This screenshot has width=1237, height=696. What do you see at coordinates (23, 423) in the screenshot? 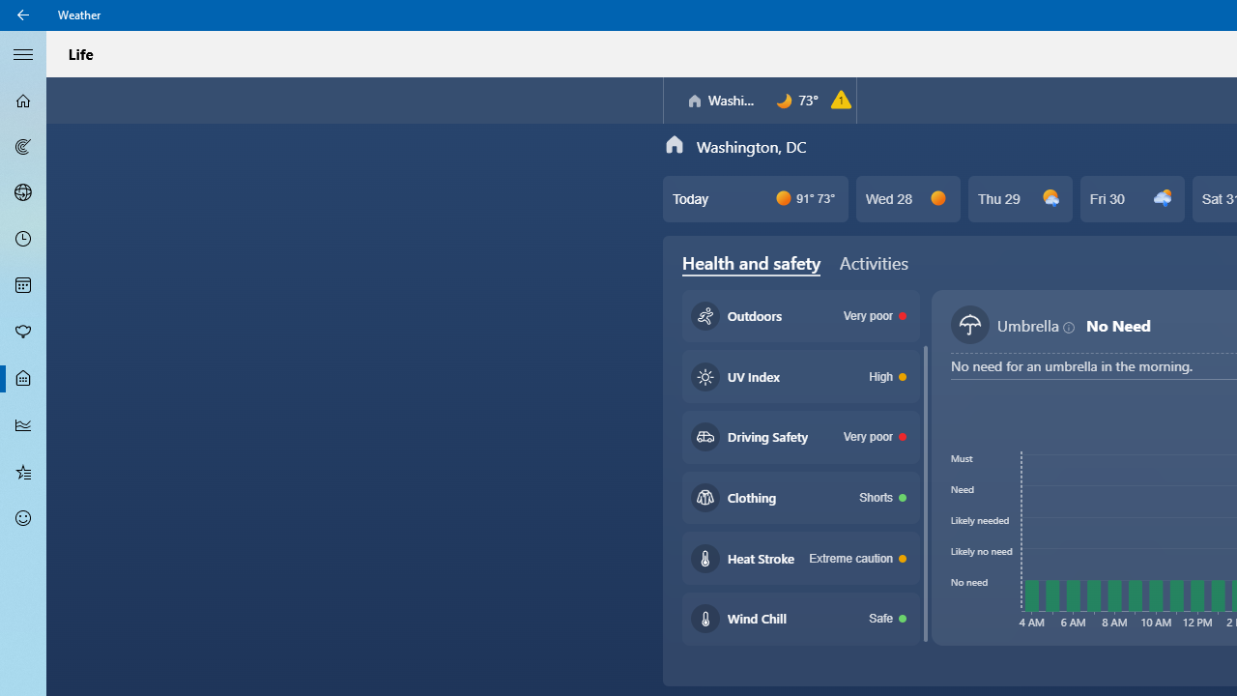
I see `'Historical Weather - Not Selected'` at bounding box center [23, 423].